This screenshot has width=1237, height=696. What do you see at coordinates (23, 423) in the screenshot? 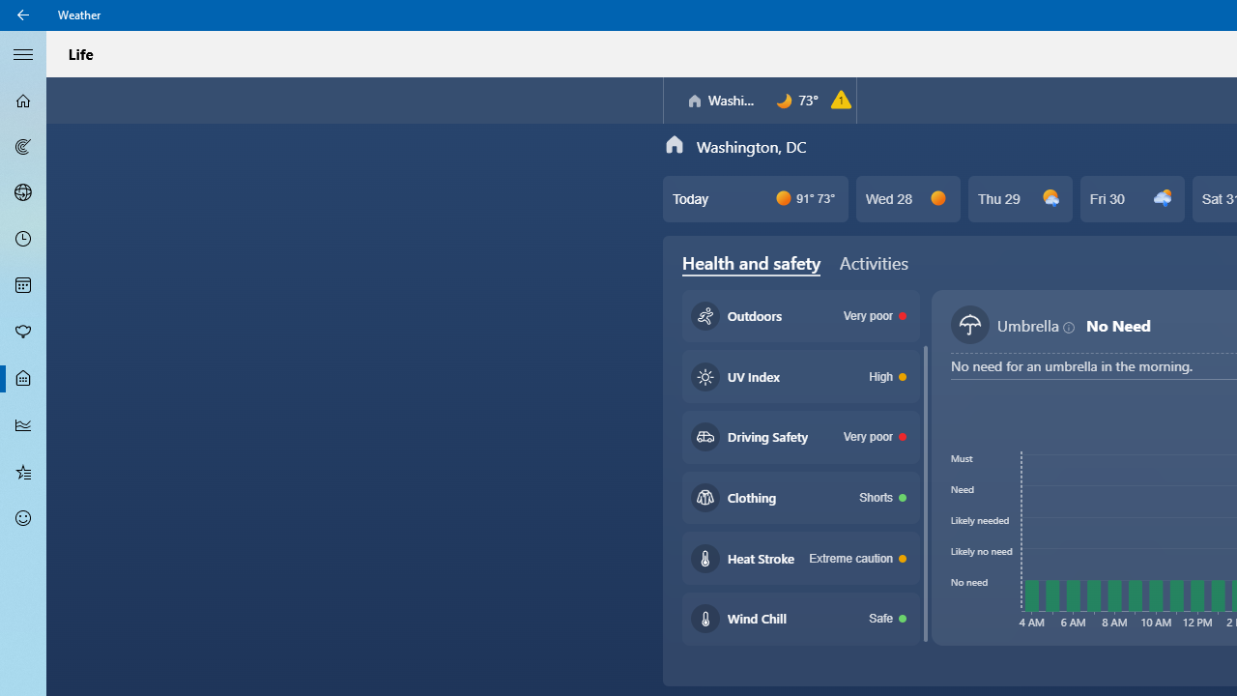
I see `'Historical Weather - Not Selected'` at bounding box center [23, 423].